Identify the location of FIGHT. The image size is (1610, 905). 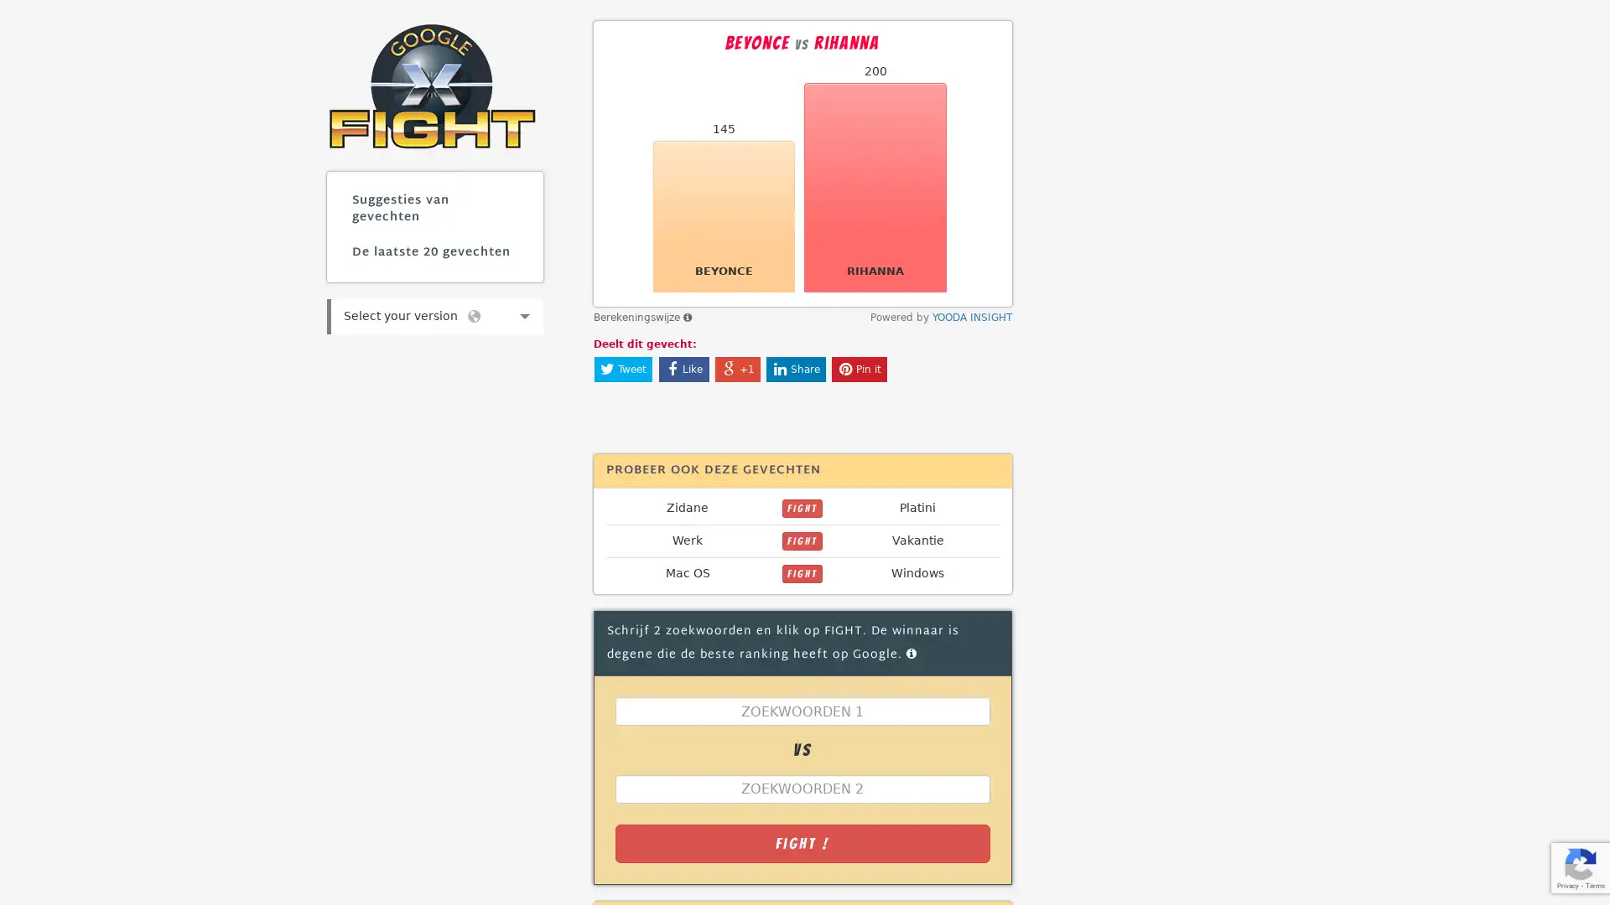
(801, 573).